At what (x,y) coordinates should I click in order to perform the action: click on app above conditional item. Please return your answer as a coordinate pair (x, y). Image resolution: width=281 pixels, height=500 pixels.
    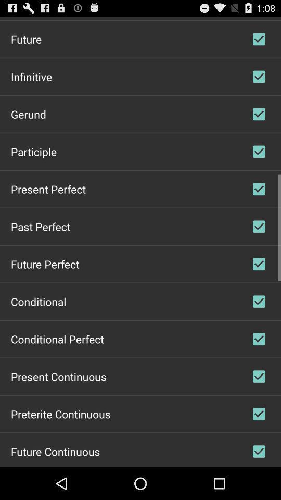
    Looking at the image, I should click on (44, 263).